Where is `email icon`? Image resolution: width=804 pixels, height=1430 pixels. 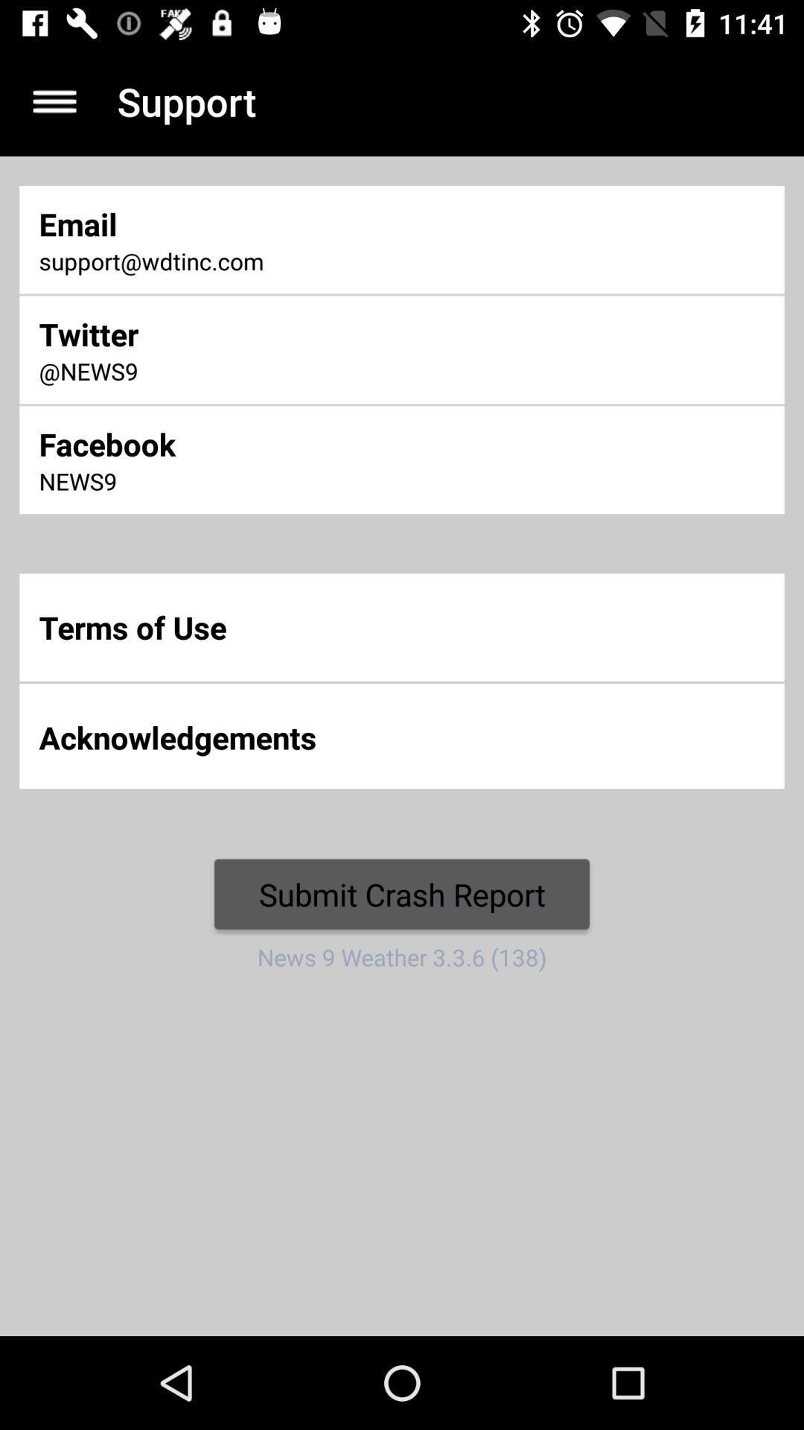 email icon is located at coordinates (267, 223).